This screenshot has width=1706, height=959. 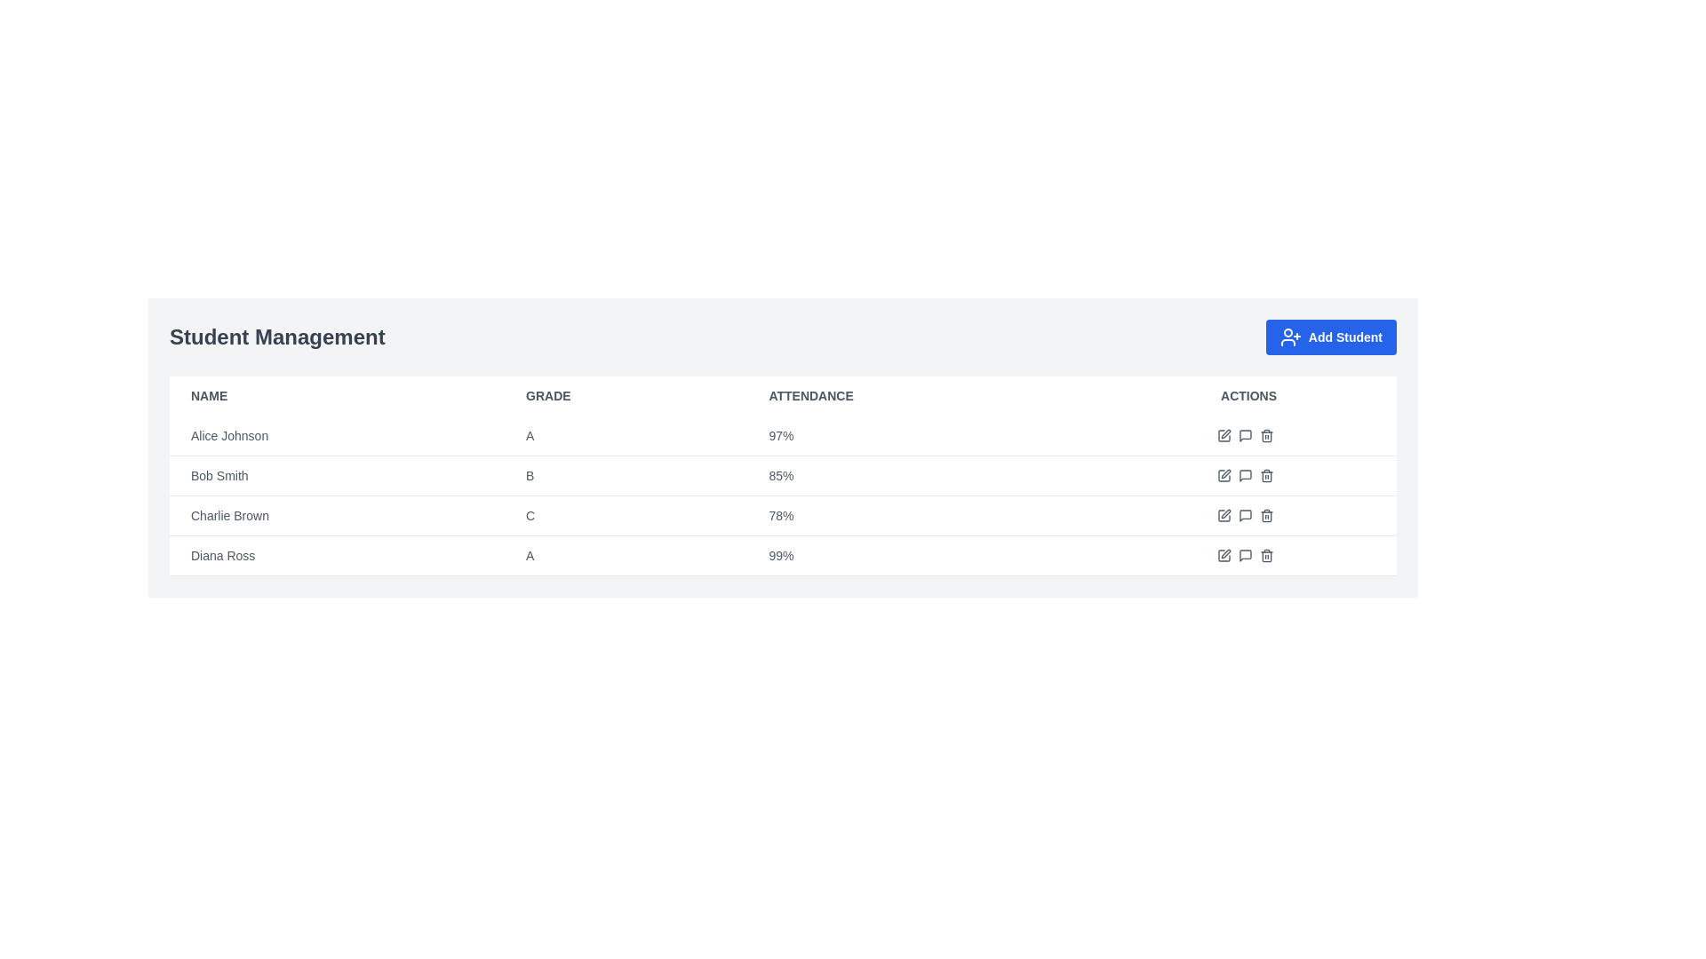 I want to click on the Icon button in the Actions column for Diana Ross to initiate a comment or message action, so click(x=1244, y=554).